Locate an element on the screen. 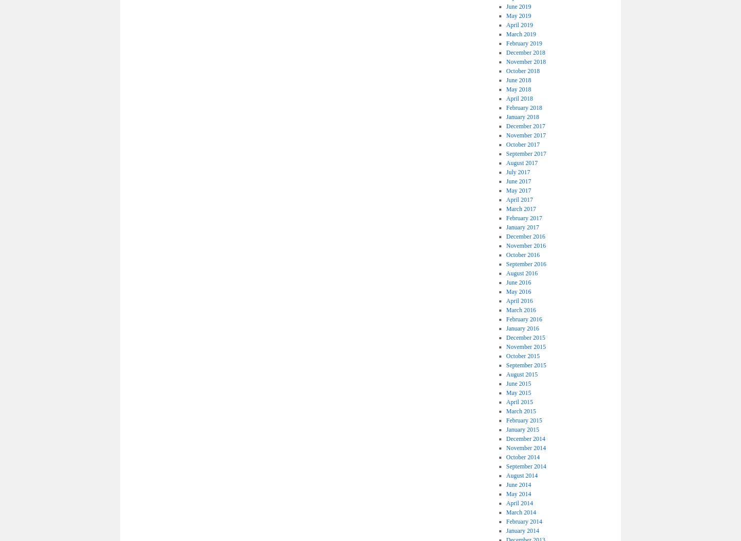 The image size is (741, 541). 'May 2014' is located at coordinates (518, 493).